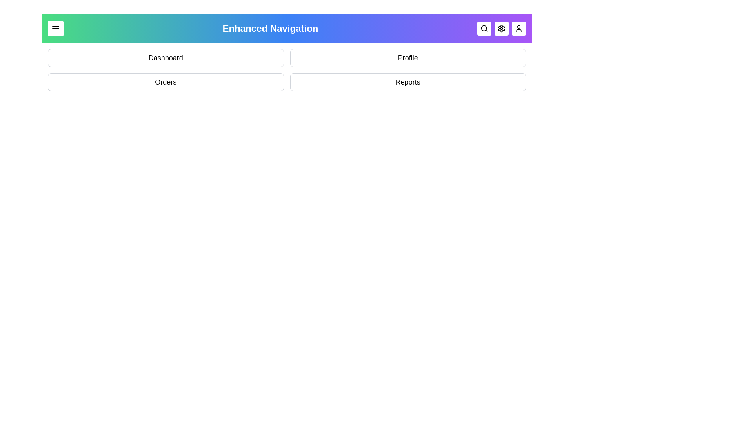  I want to click on the option Orders from the dropdown menu, so click(165, 82).